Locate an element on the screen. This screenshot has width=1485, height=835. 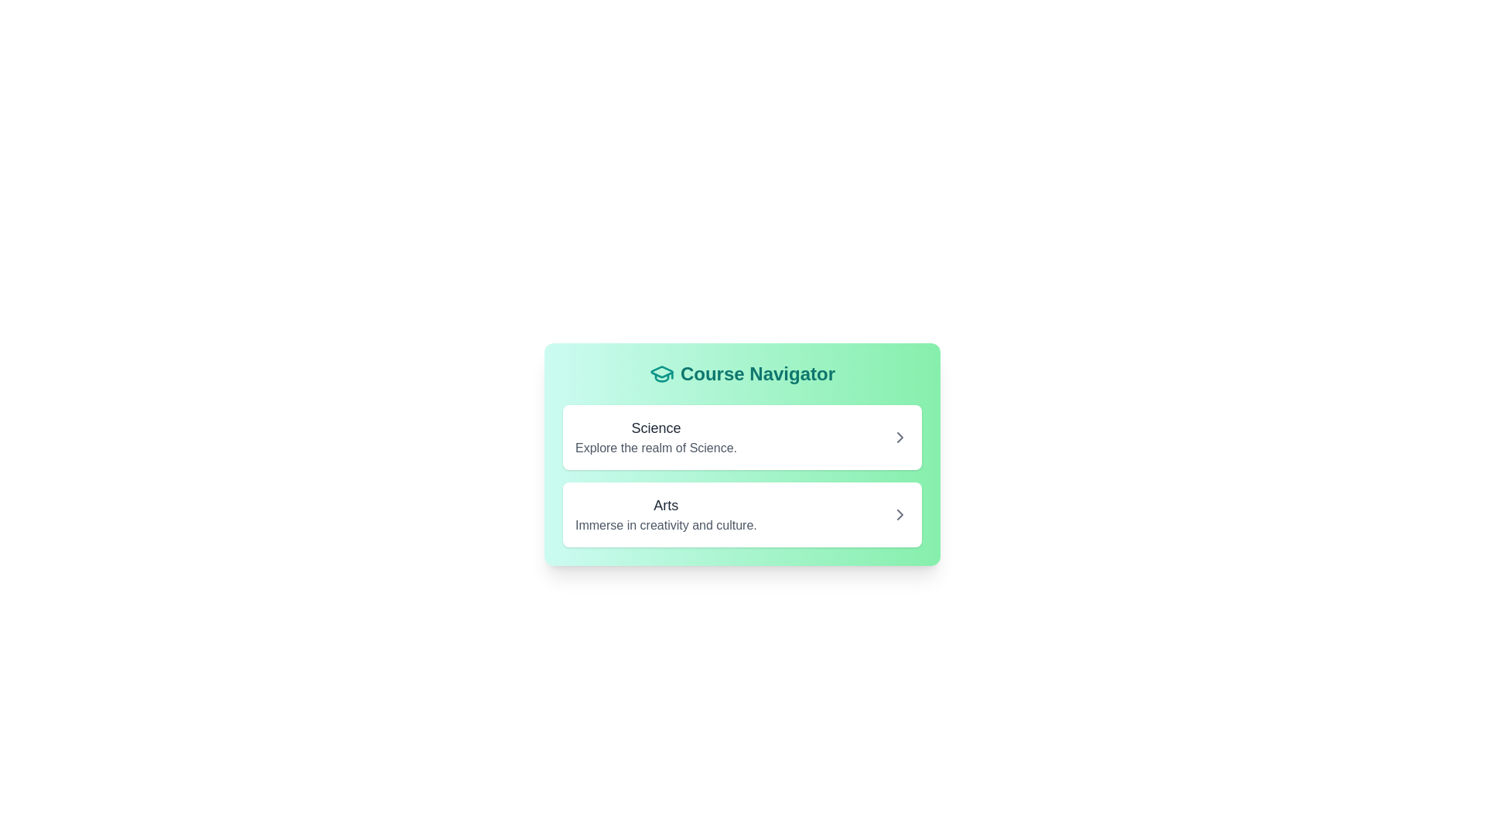
the header element with an accompanying icon at the top of the card that indicates the purpose of the contents below, which has a green gradient background is located at coordinates (742, 373).